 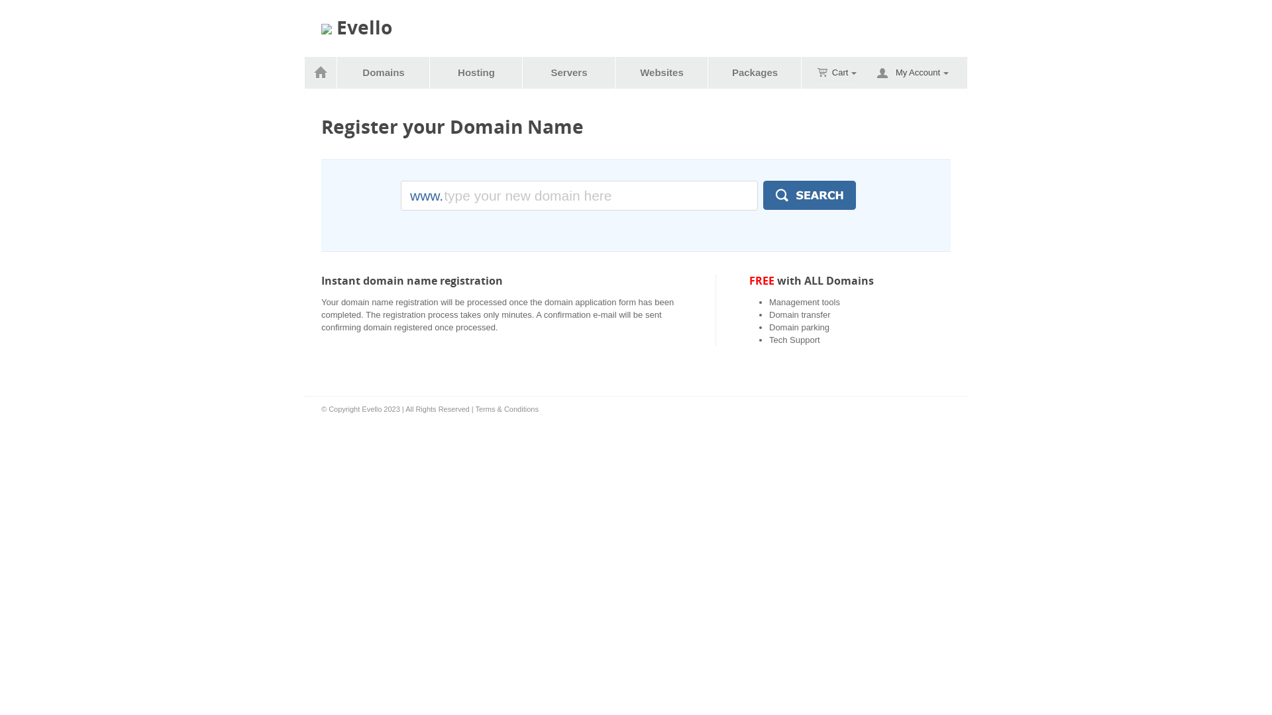 I want to click on 'Packages', so click(x=708, y=73).